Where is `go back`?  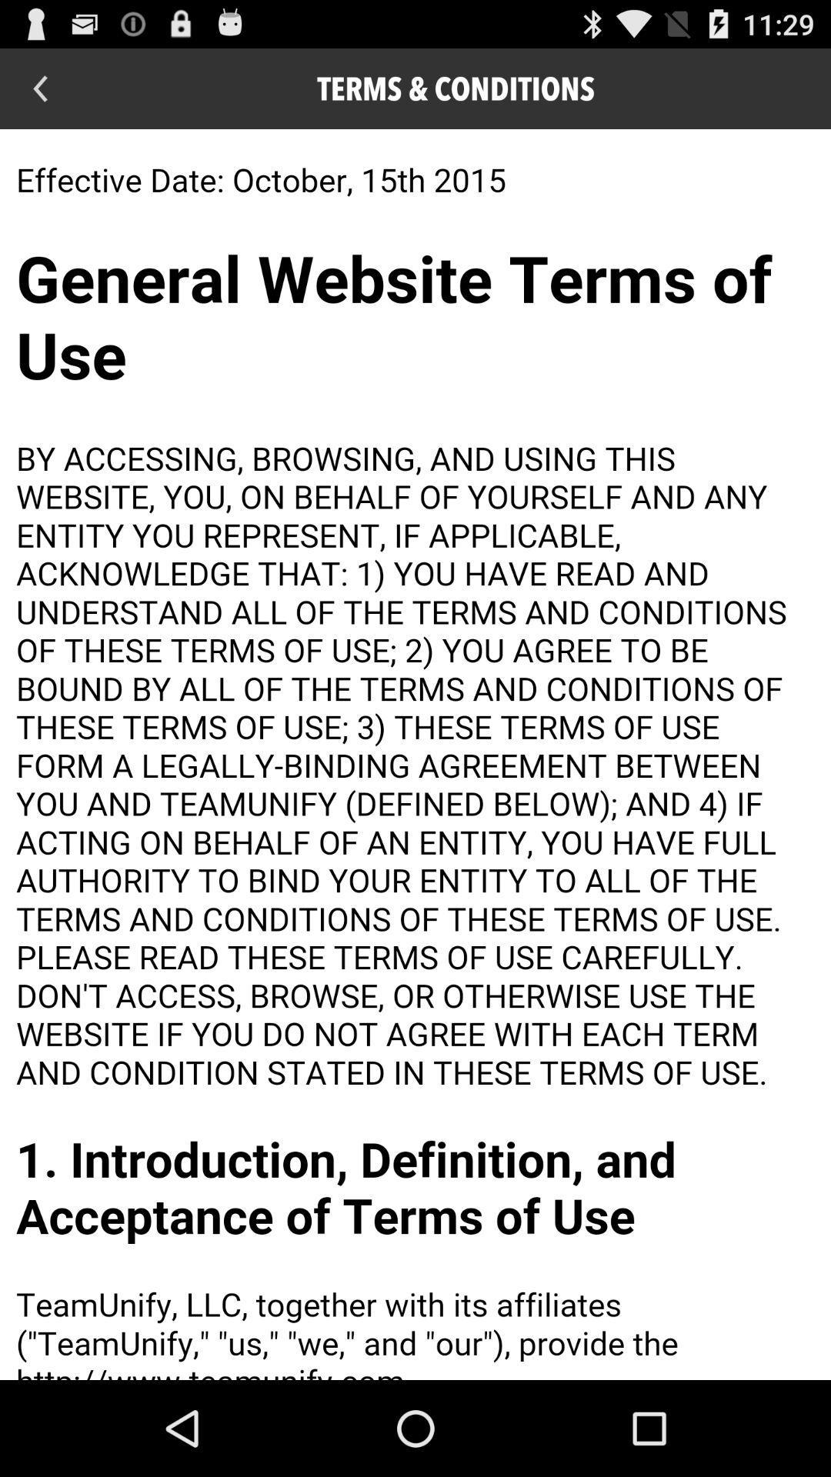
go back is located at coordinates (39, 88).